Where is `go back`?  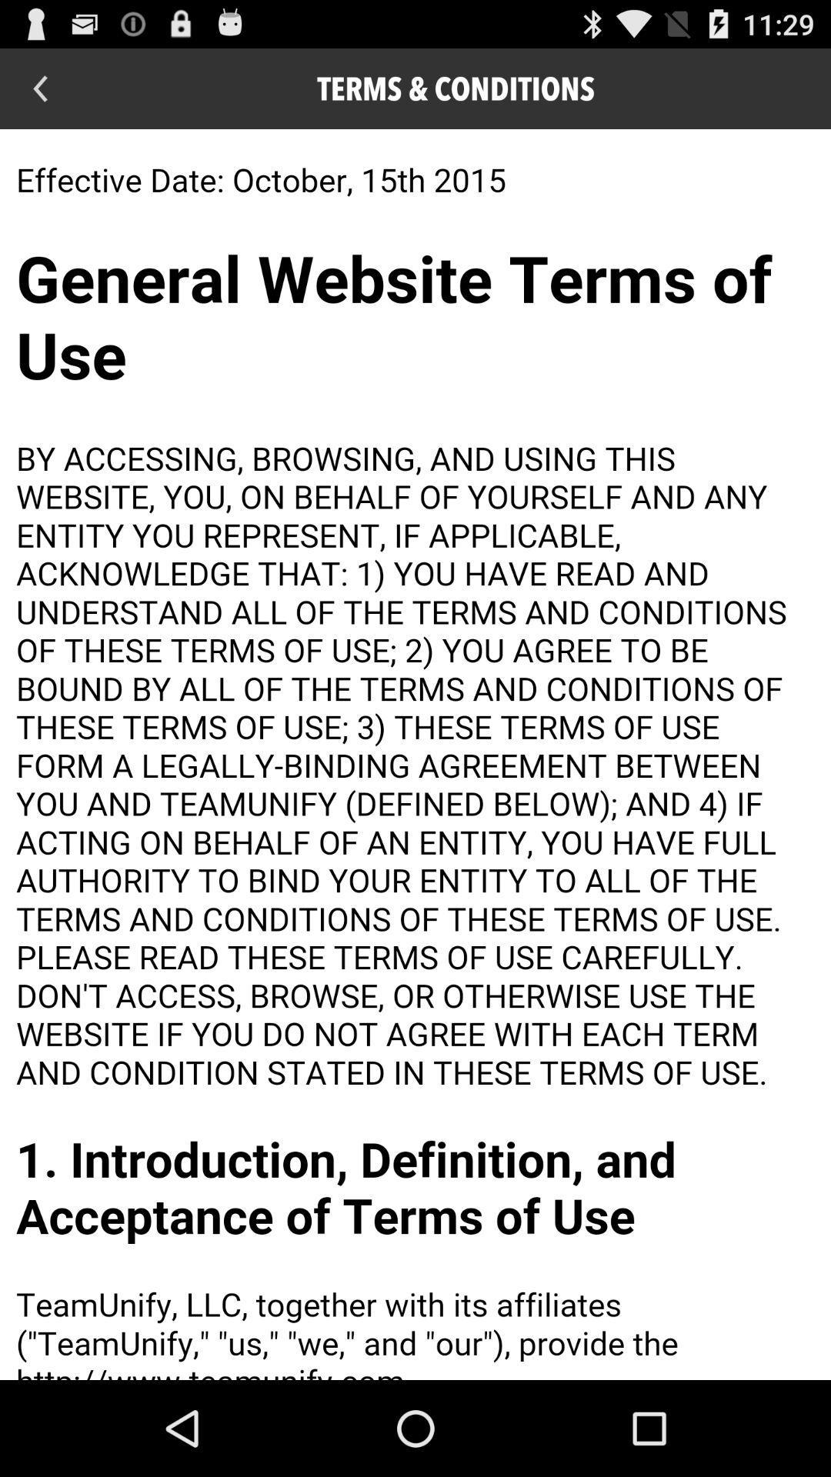
go back is located at coordinates (39, 88).